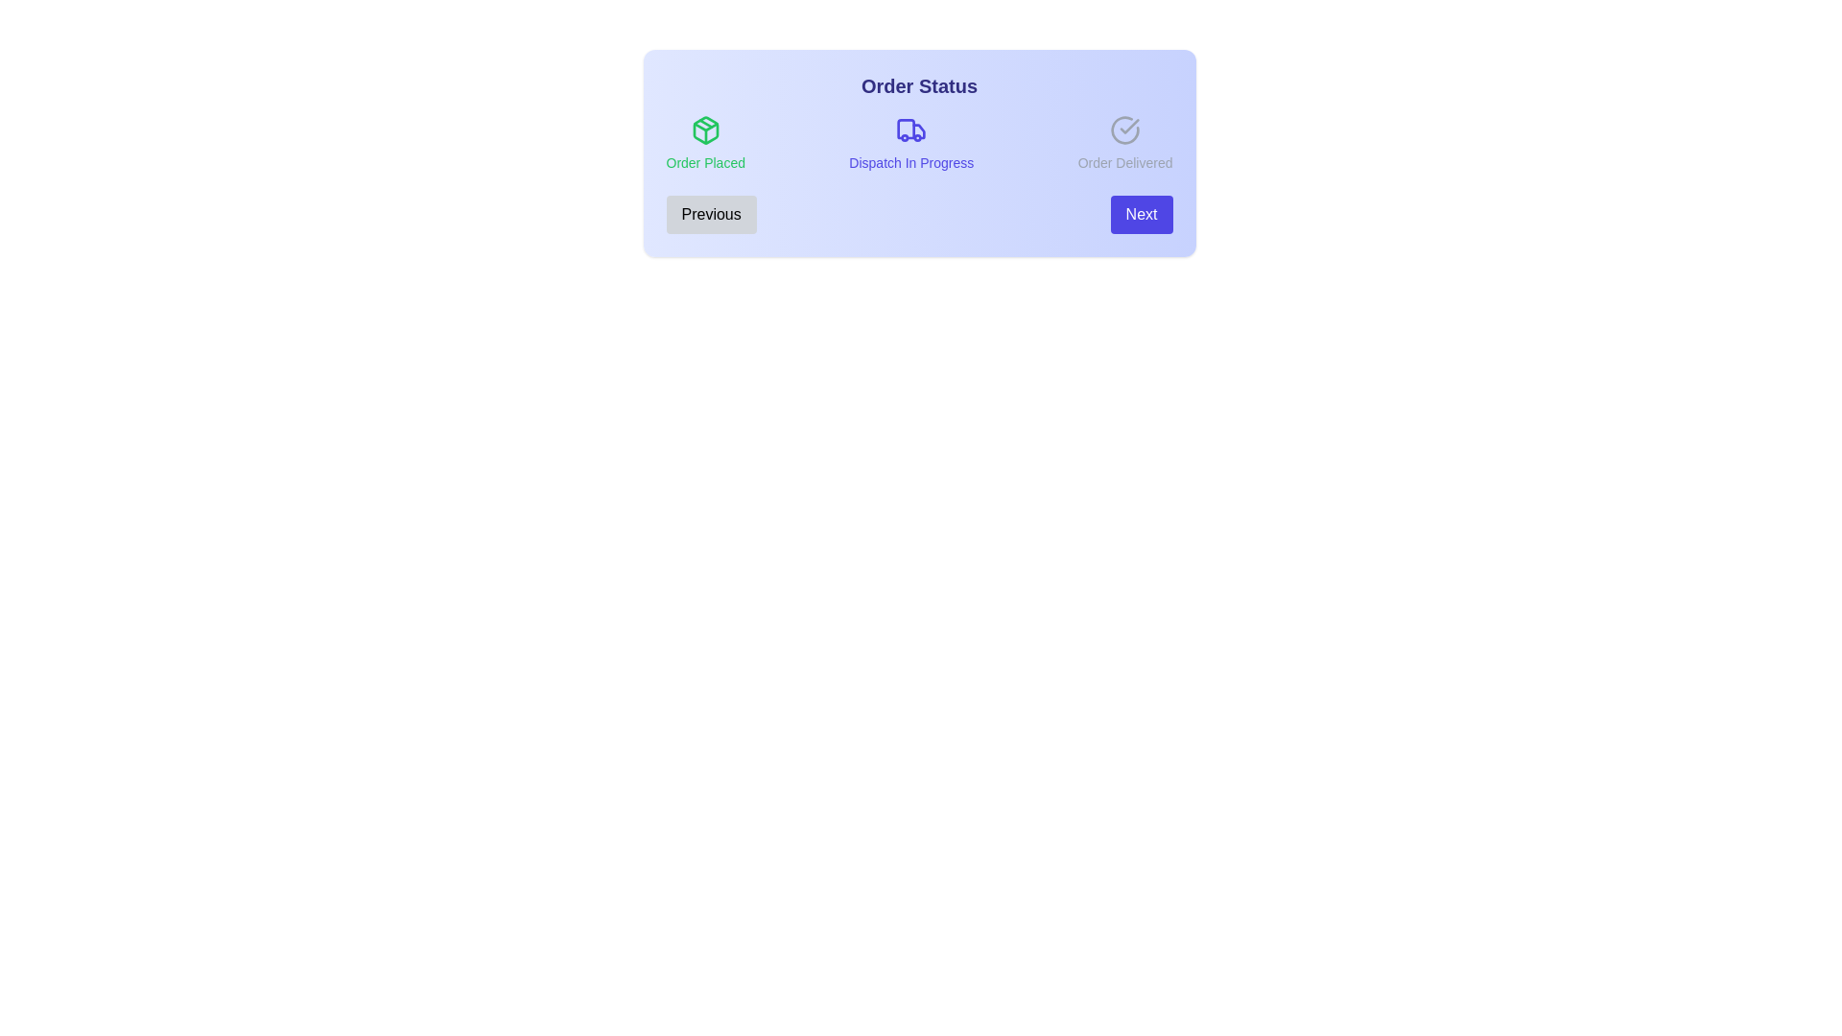  Describe the element at coordinates (704, 131) in the screenshot. I see `the state change of the progress bar segment located within the 'Order Placed' group, which visually indicates completion by changing to green` at that location.